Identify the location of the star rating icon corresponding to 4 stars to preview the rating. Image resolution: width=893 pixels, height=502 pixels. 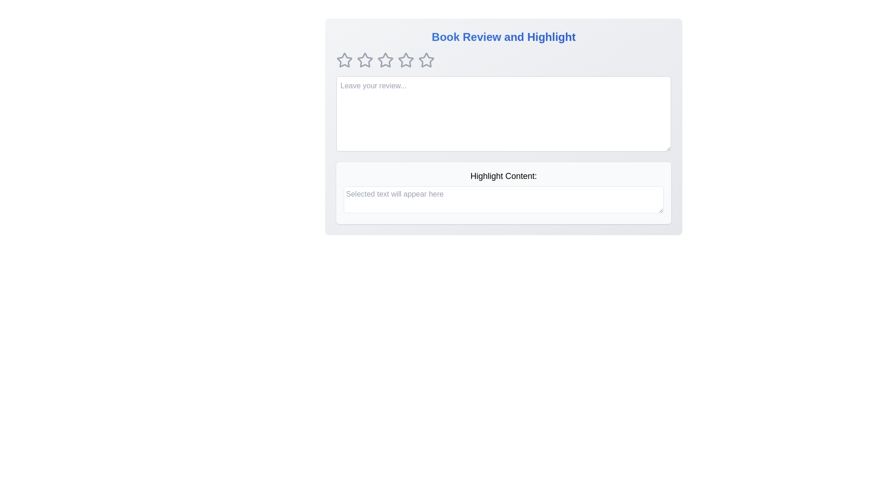
(406, 60).